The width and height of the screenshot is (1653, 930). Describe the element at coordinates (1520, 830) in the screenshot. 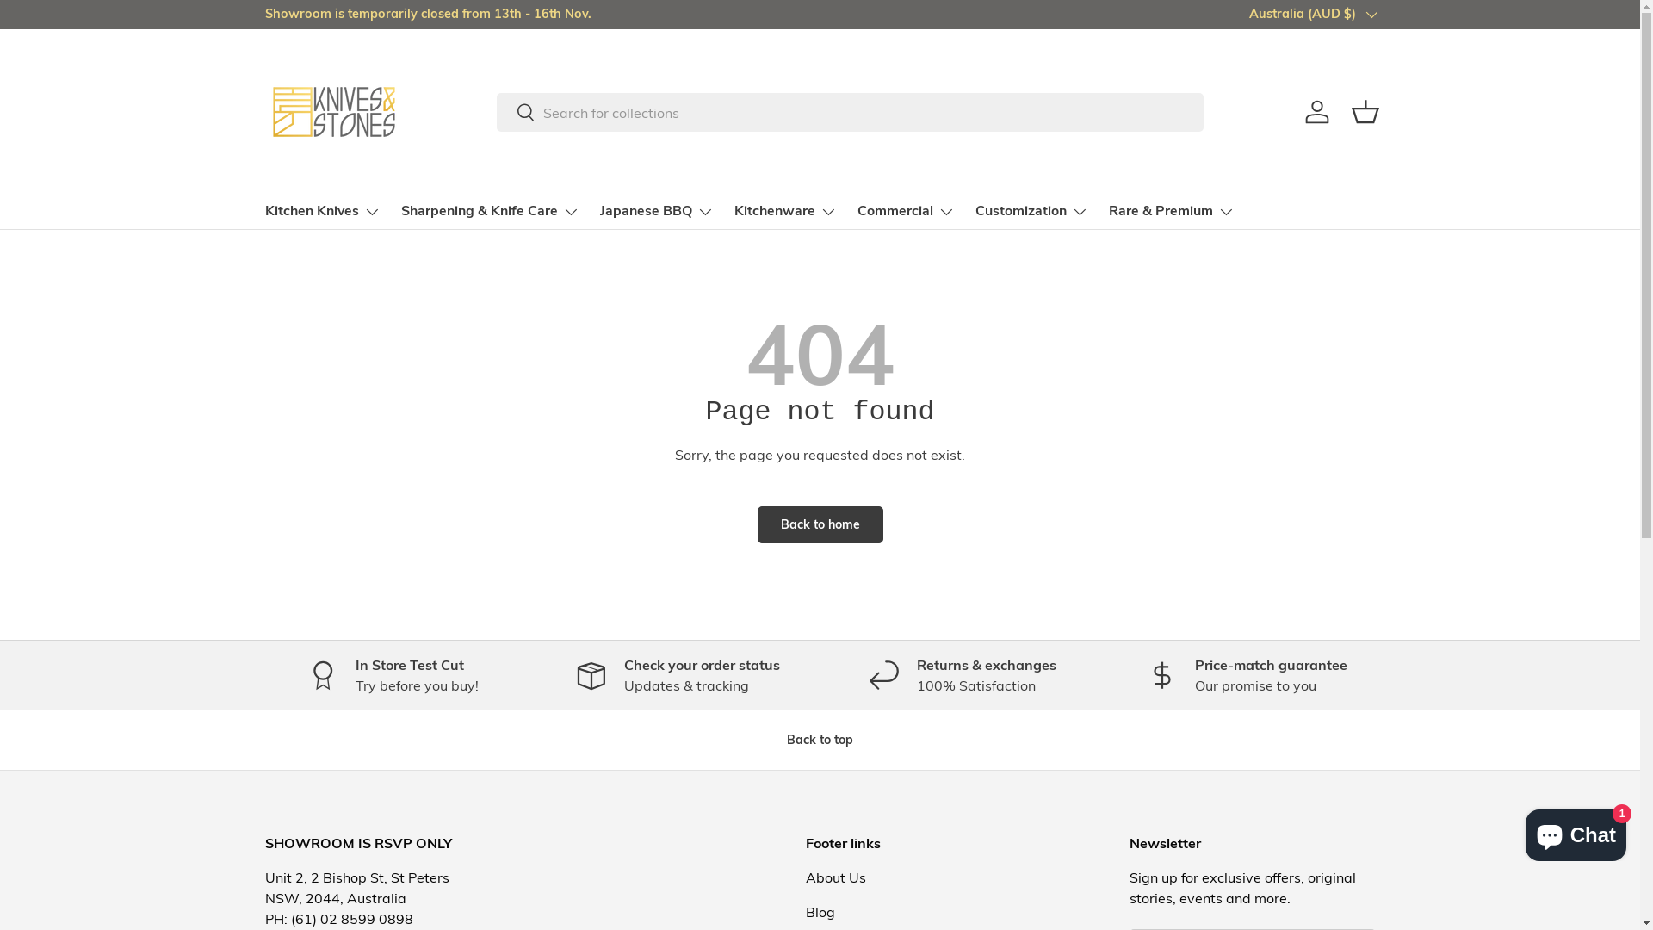

I see `'Shopify online store chat'` at that location.